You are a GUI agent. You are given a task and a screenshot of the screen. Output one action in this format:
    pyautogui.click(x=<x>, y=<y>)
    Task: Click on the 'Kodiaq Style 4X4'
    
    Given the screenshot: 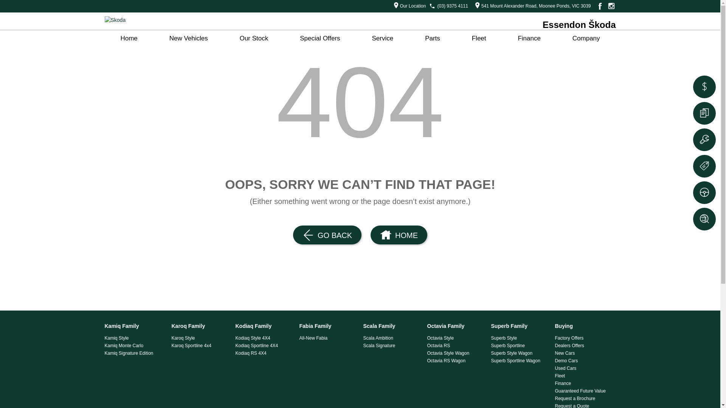 What is the action you would take?
    pyautogui.click(x=264, y=337)
    